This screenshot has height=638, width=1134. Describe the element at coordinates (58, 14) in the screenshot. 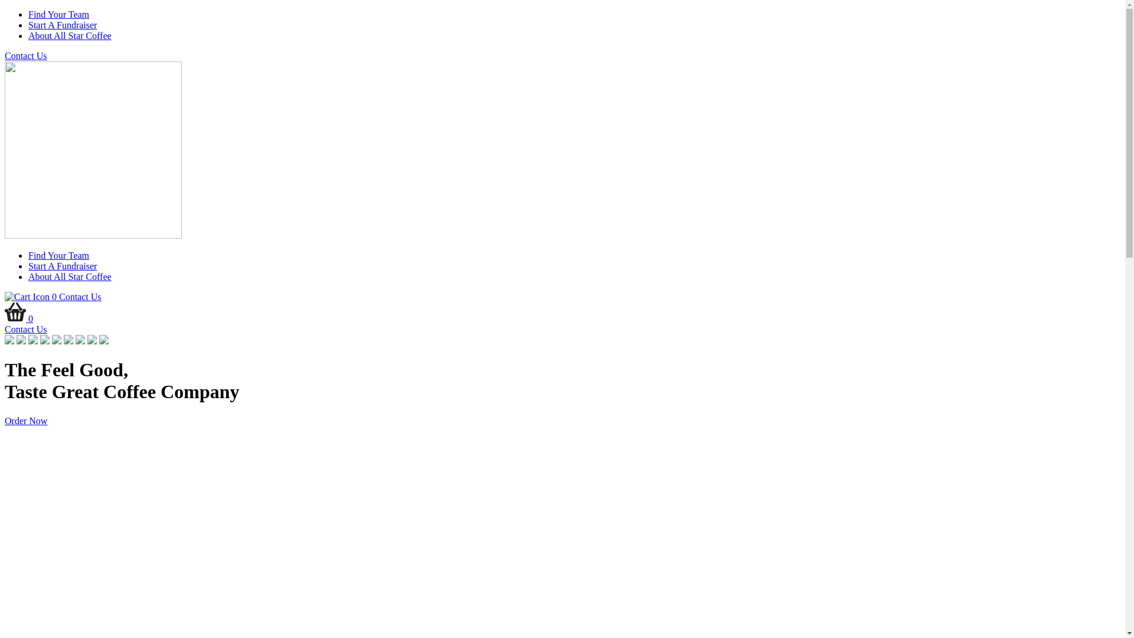

I see `'Find Your Team'` at that location.